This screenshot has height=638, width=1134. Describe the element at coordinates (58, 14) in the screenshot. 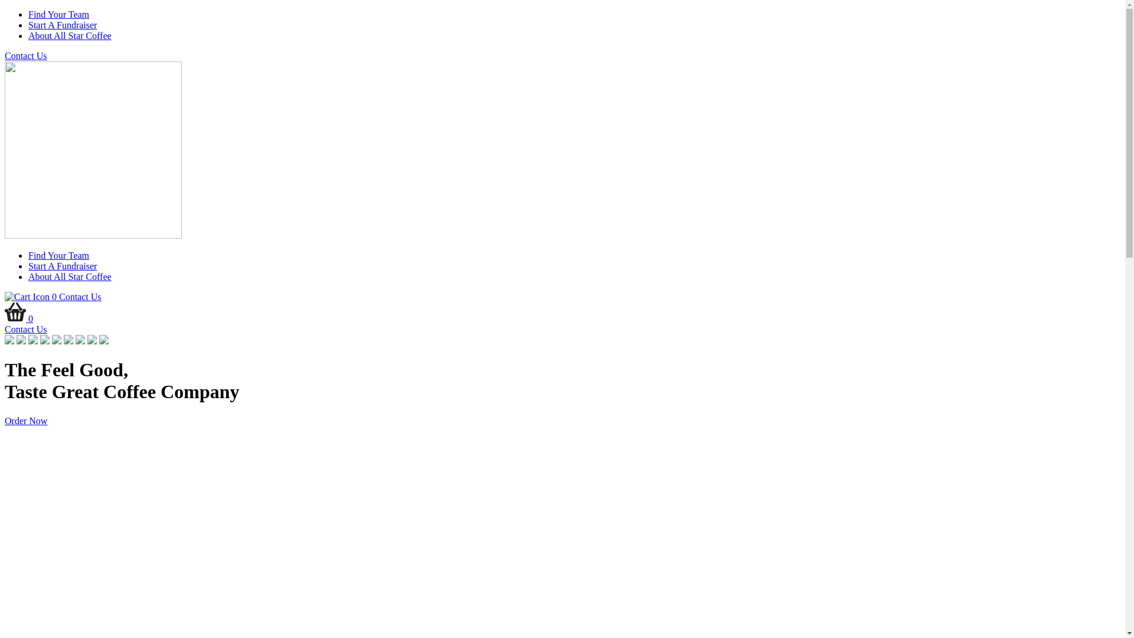

I see `'Find Your Team'` at that location.